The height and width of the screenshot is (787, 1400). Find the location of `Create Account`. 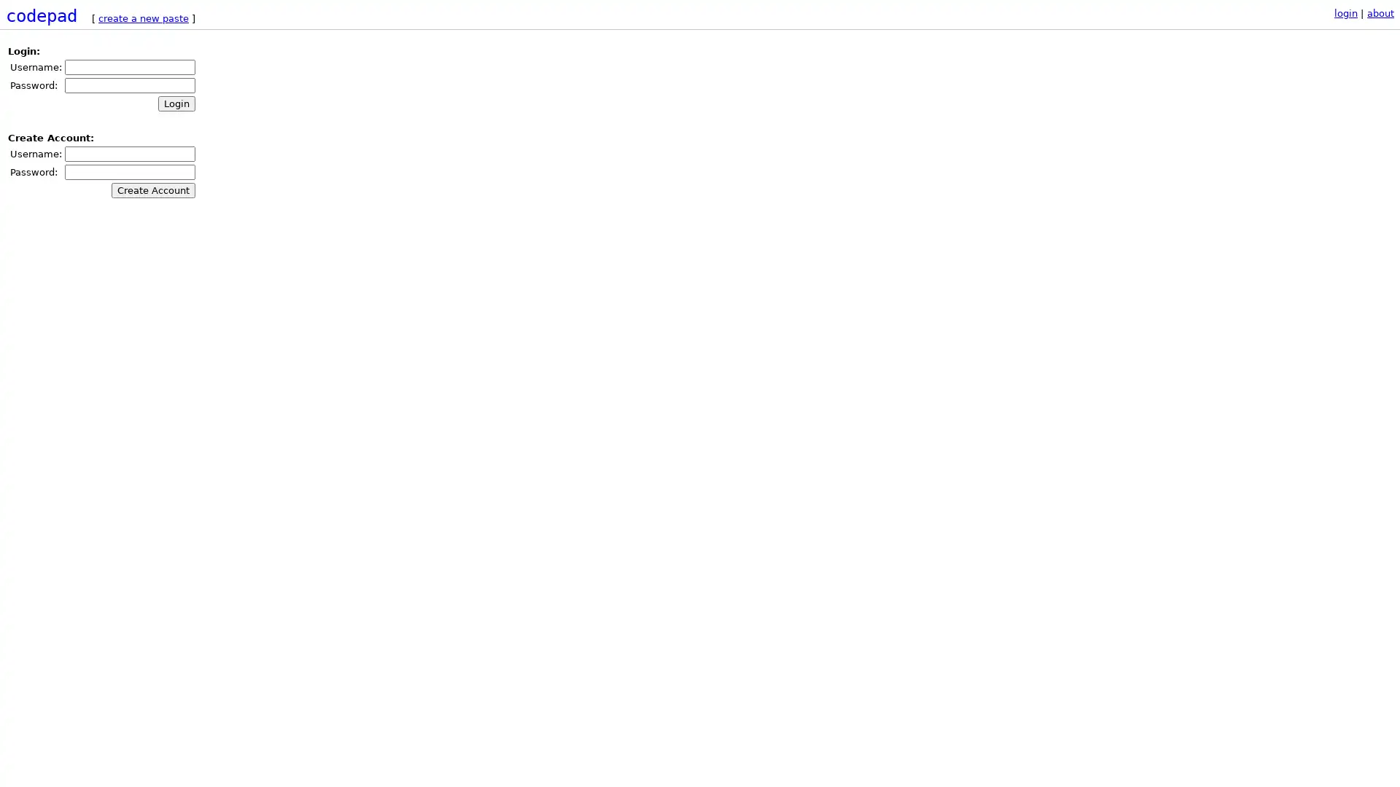

Create Account is located at coordinates (153, 189).